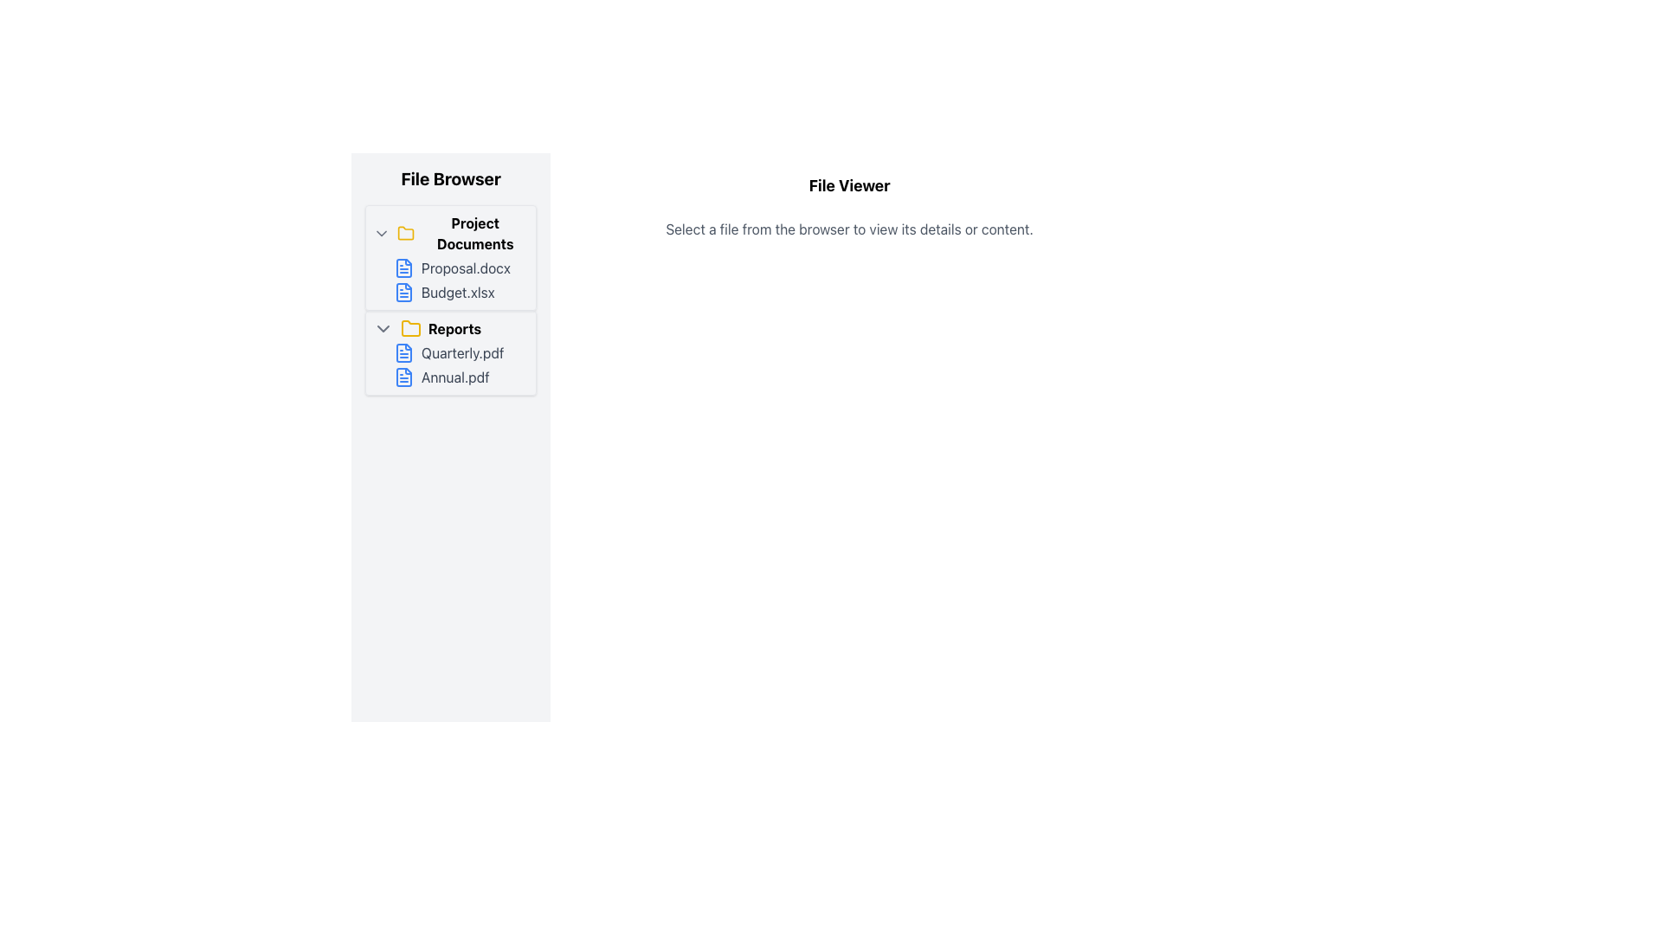 Image resolution: width=1662 pixels, height=935 pixels. Describe the element at coordinates (849, 186) in the screenshot. I see `the header text label that serves as a title for the panel indicating the main function or purpose of the section` at that location.